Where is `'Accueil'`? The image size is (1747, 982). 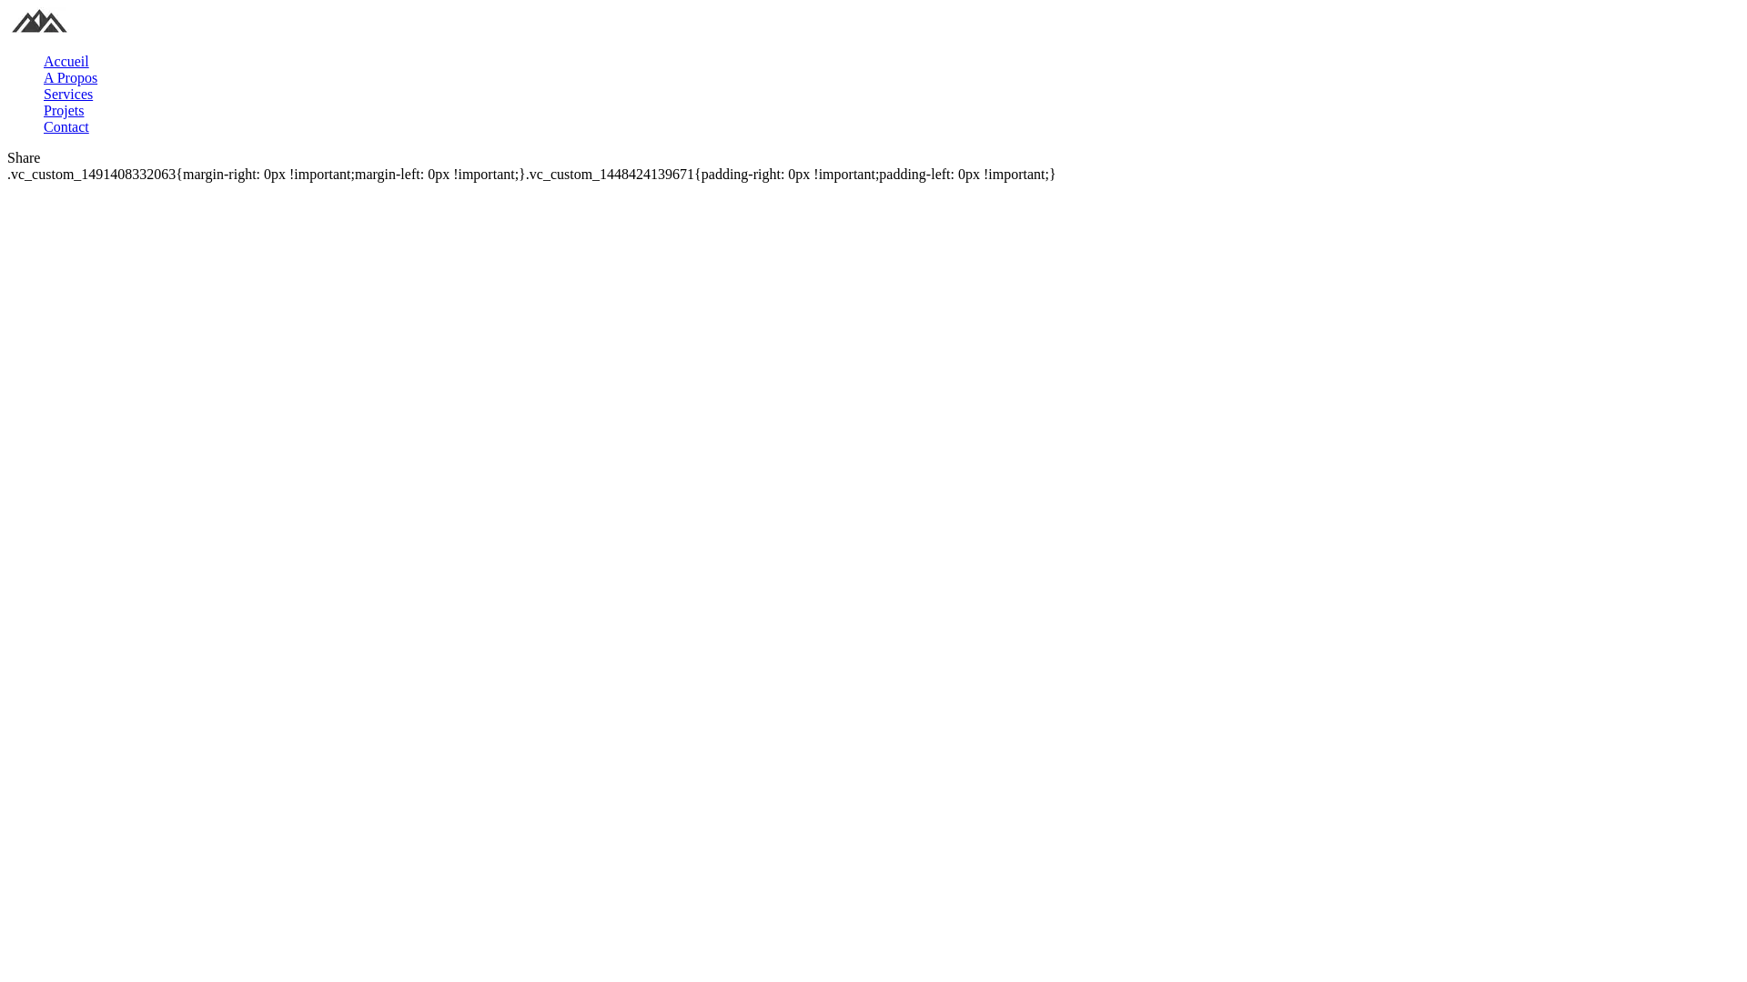 'Accueil' is located at coordinates (66, 60).